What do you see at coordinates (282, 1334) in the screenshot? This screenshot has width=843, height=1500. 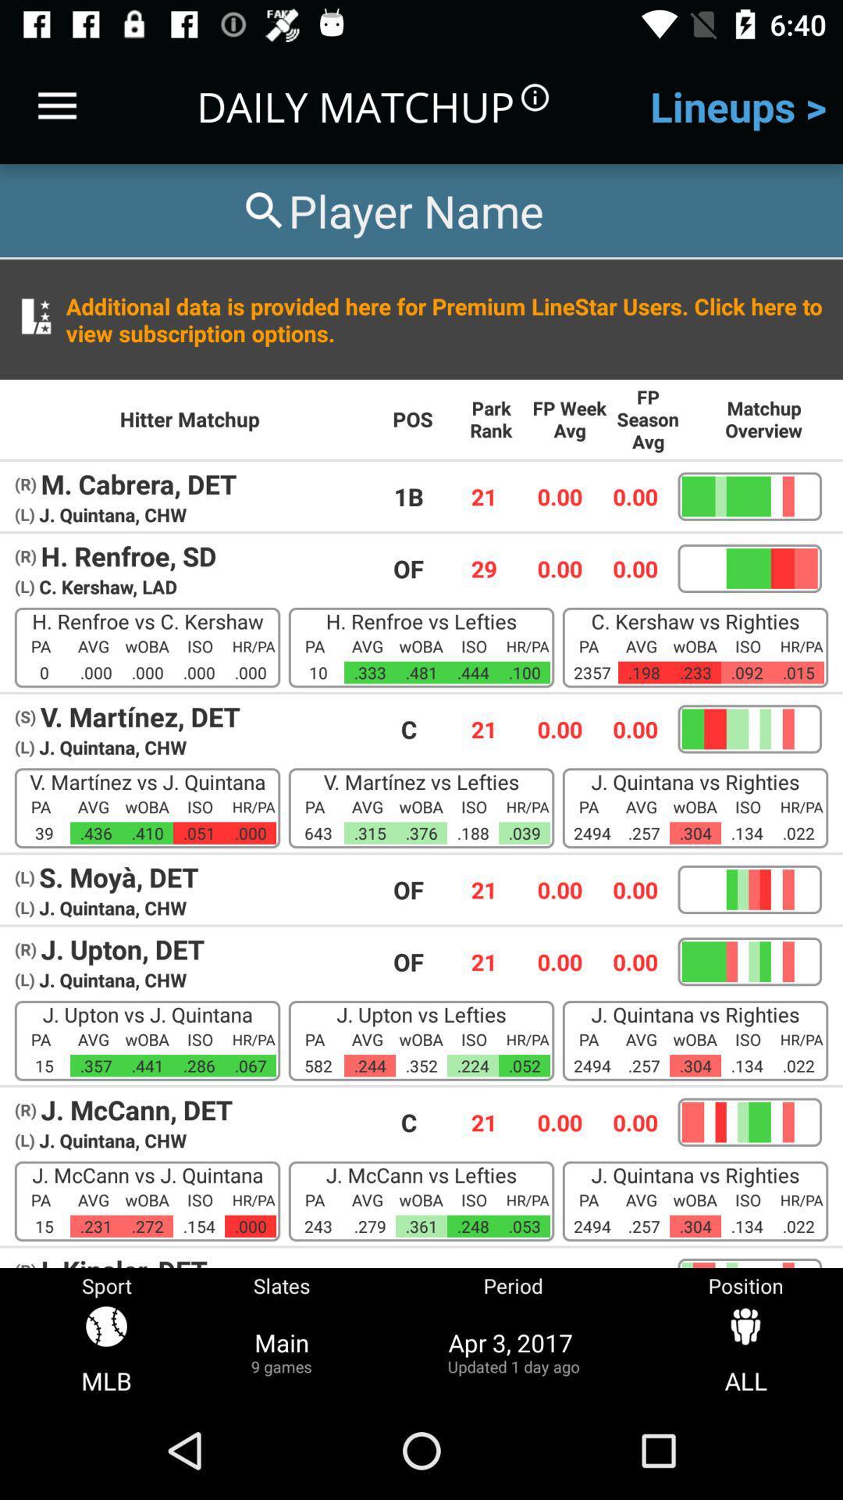 I see `the bottom left side second icon` at bounding box center [282, 1334].